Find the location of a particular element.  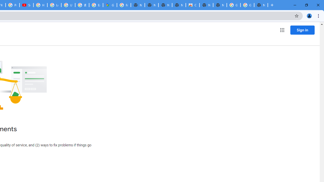

'How Chrome protects your passwords - Google Chrome Help' is located at coordinates (40, 5).